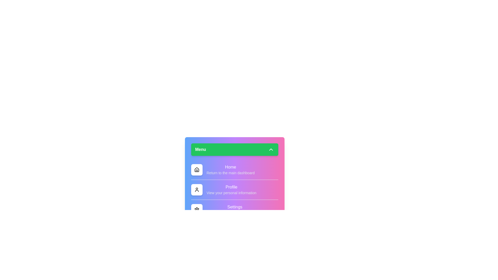  What do you see at coordinates (234, 150) in the screenshot?
I see `green 'Menu' button to toggle the menu` at bounding box center [234, 150].